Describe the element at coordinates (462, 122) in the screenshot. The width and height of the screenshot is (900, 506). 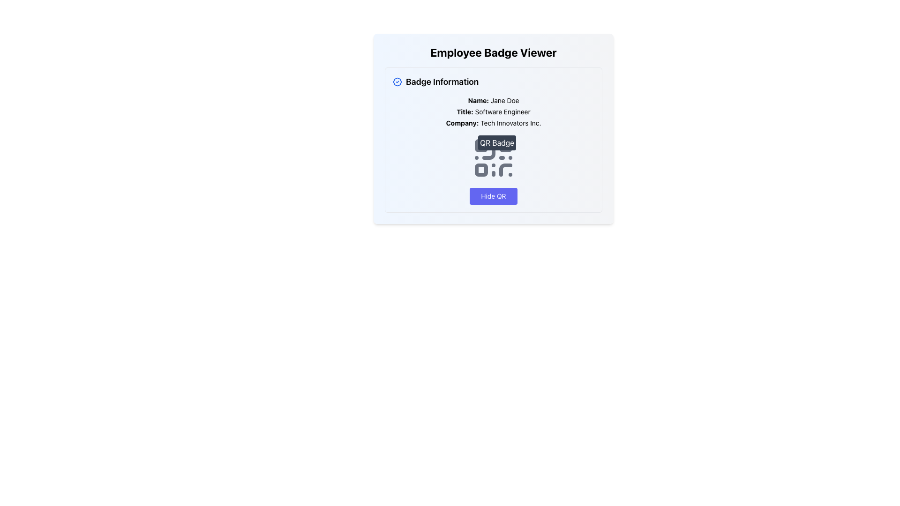
I see `the static text label that reads 'Company:' in bold black font located in the 'Badge Information' section of the Employee Badge Viewer interface` at that location.